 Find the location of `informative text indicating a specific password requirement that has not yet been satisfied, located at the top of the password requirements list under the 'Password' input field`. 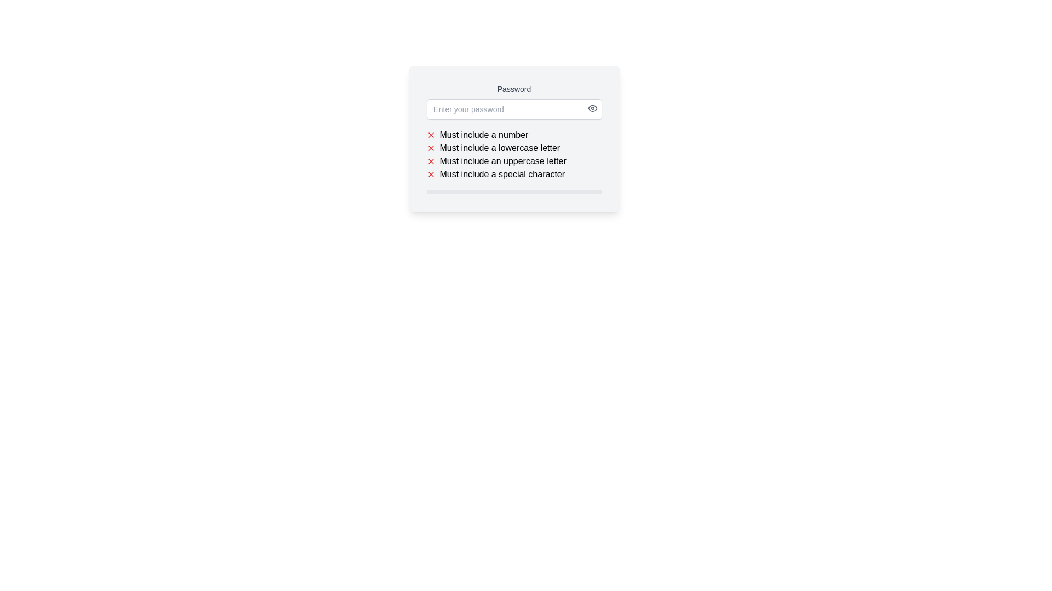

informative text indicating a specific password requirement that has not yet been satisfied, located at the top of the password requirements list under the 'Password' input field is located at coordinates (513, 134).